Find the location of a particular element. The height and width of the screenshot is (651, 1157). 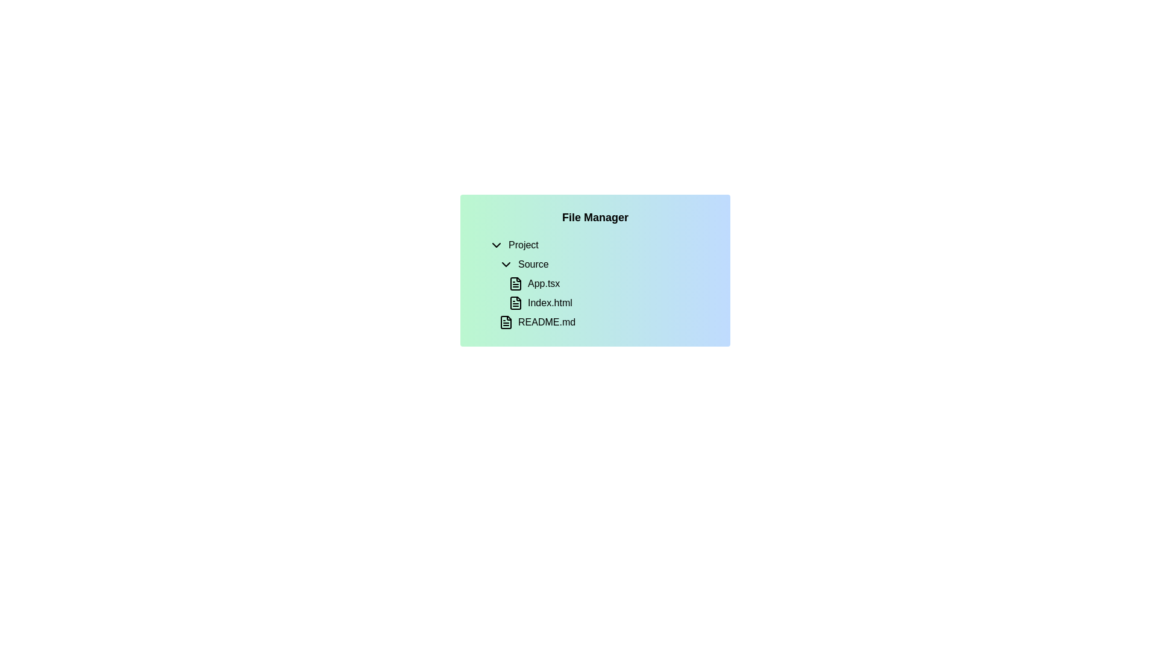

the 'README.md' file item is located at coordinates (600, 322).